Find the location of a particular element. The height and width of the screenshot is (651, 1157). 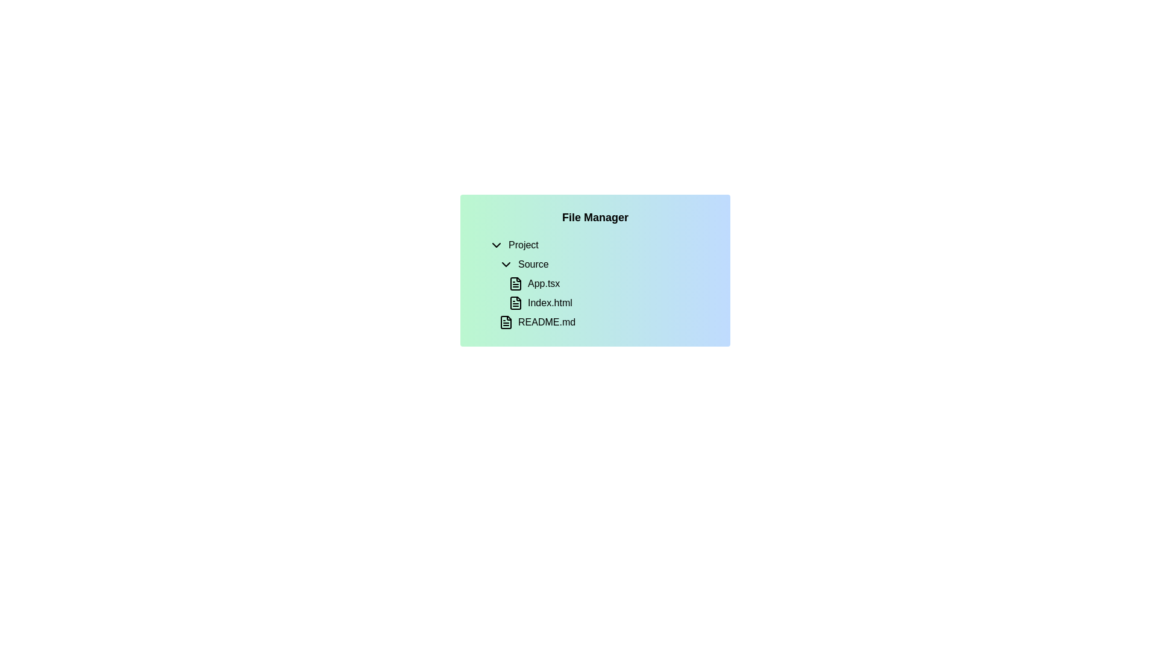

the 'README.md' file item is located at coordinates (600, 322).